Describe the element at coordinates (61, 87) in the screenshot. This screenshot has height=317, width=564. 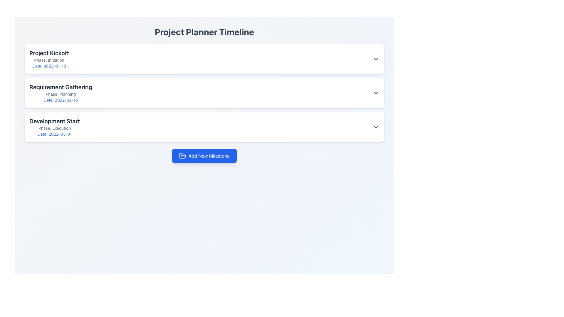
I see `the 'Requirement Gathering' label, which displays the text in bold dark gray against a light background, located in the second milestone of the timeline interface` at that location.